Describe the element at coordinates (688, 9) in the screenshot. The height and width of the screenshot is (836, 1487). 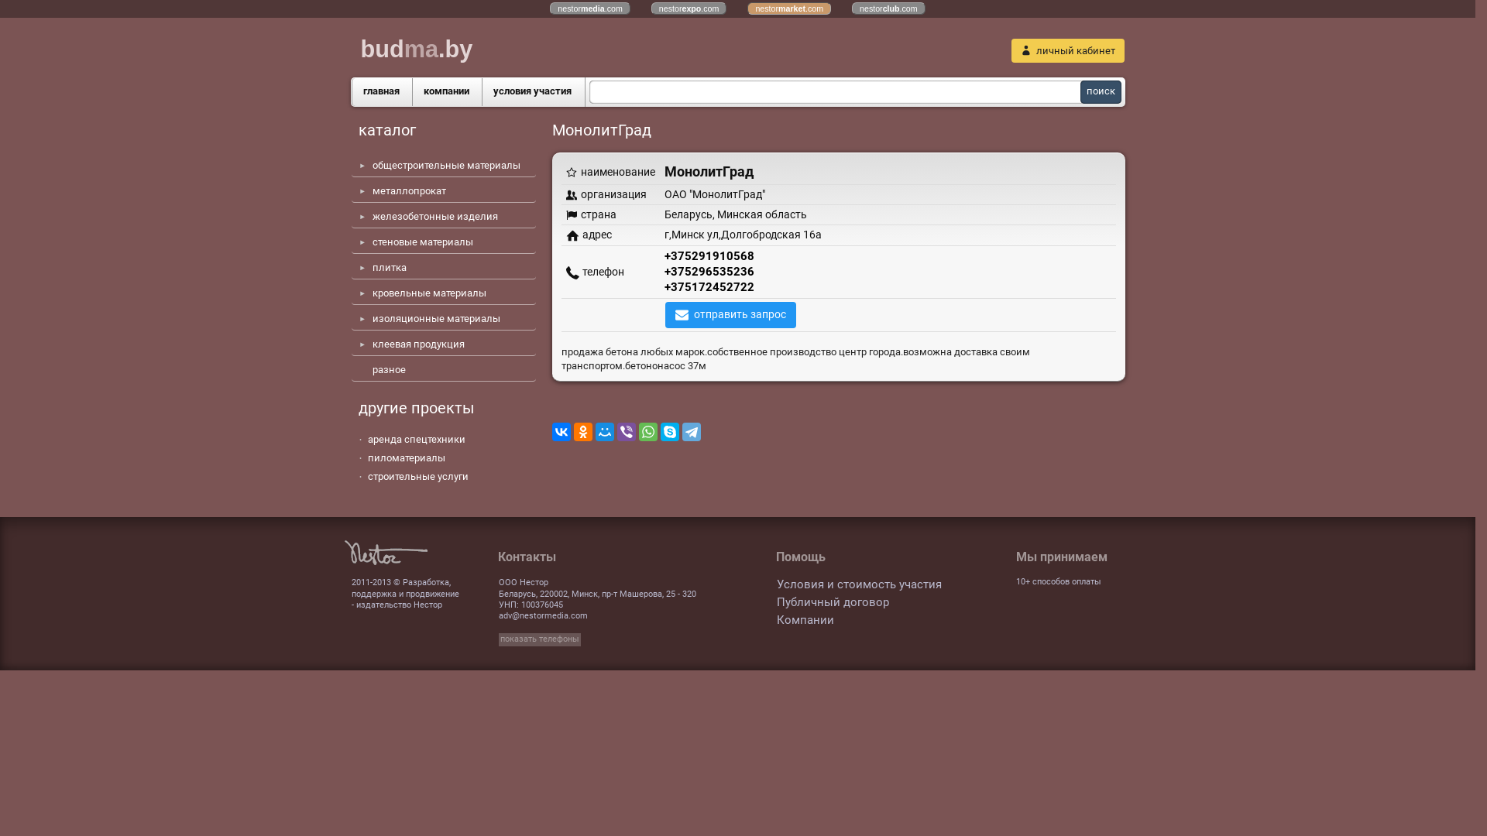
I see `'nestorexpo.com'` at that location.